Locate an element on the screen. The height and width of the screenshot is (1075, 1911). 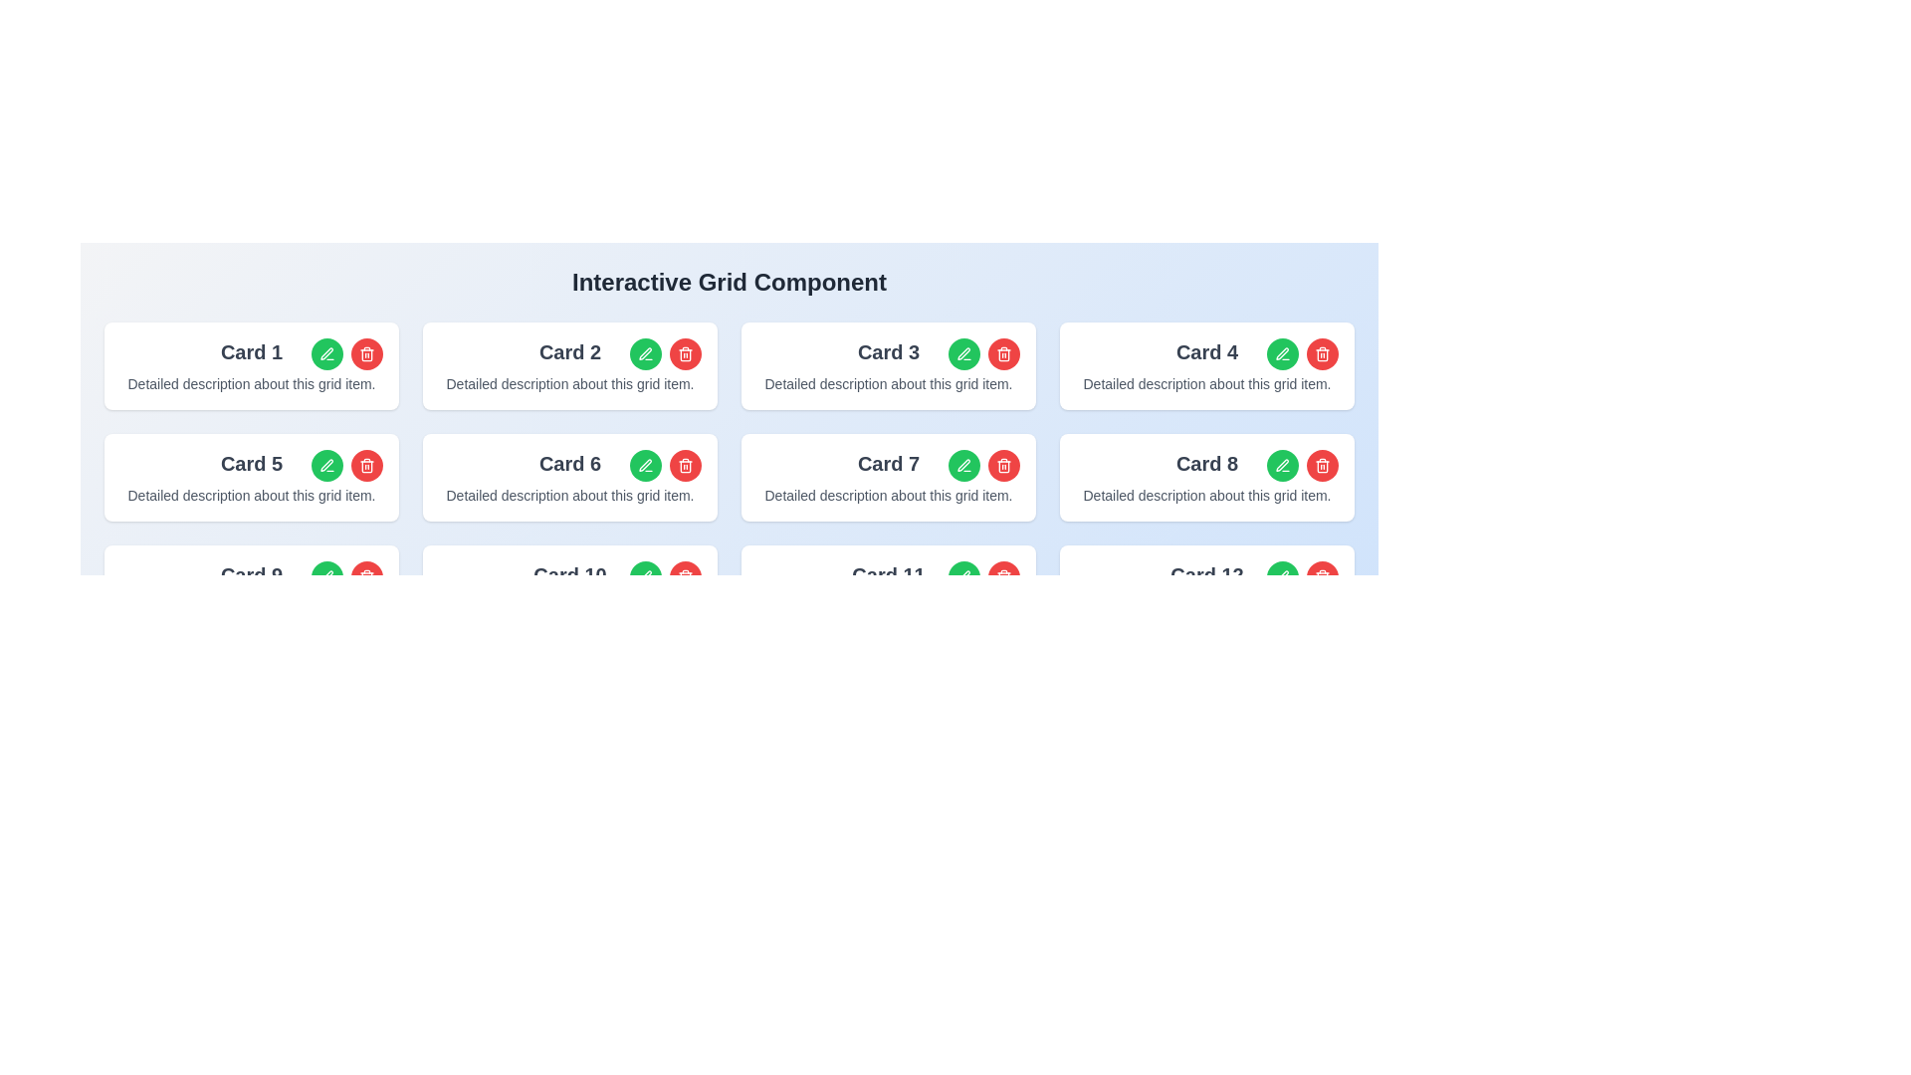
the red delete button in the button group for 'Card 6', located in the top-right corner of the card is located at coordinates (665, 465).